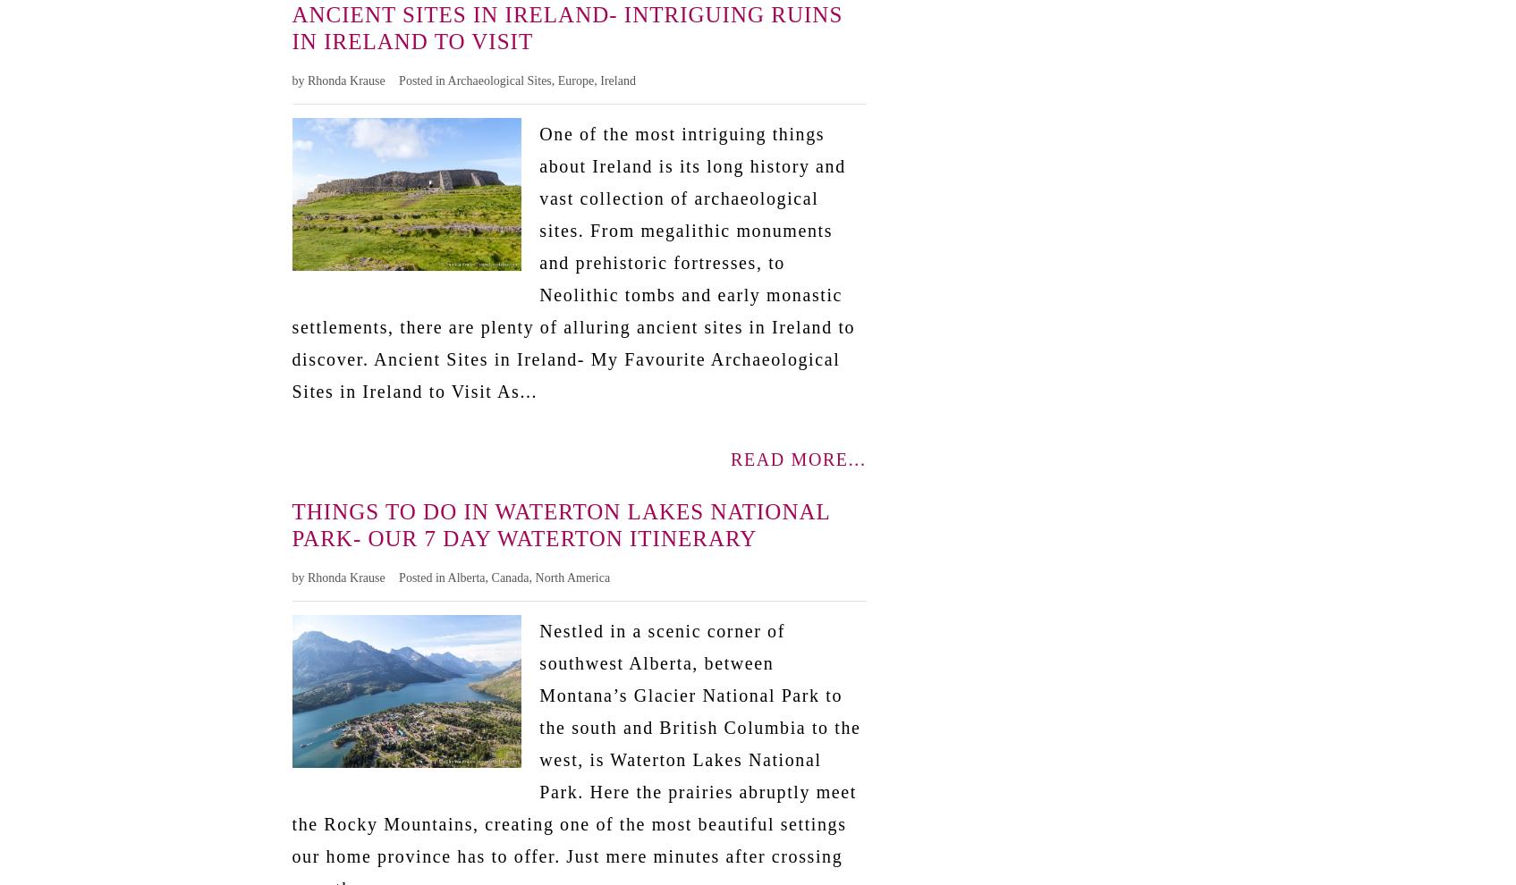 The width and height of the screenshot is (1516, 885). I want to click on 'Canada', so click(510, 577).